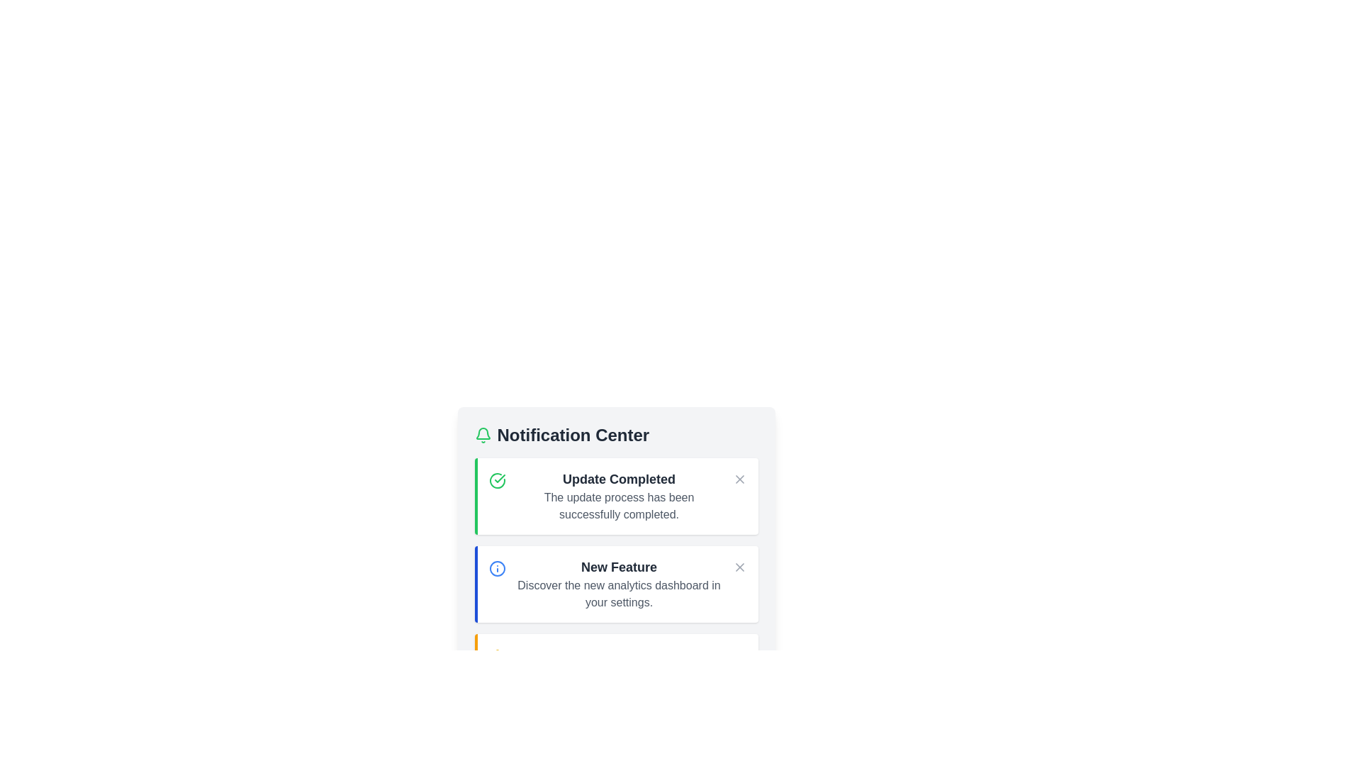 The height and width of the screenshot is (766, 1361). I want to click on graphical properties of the triangular yellow warning icon located at the bottom of the Notification Center interface, which is centrally aligned beneath the notifications, so click(497, 656).